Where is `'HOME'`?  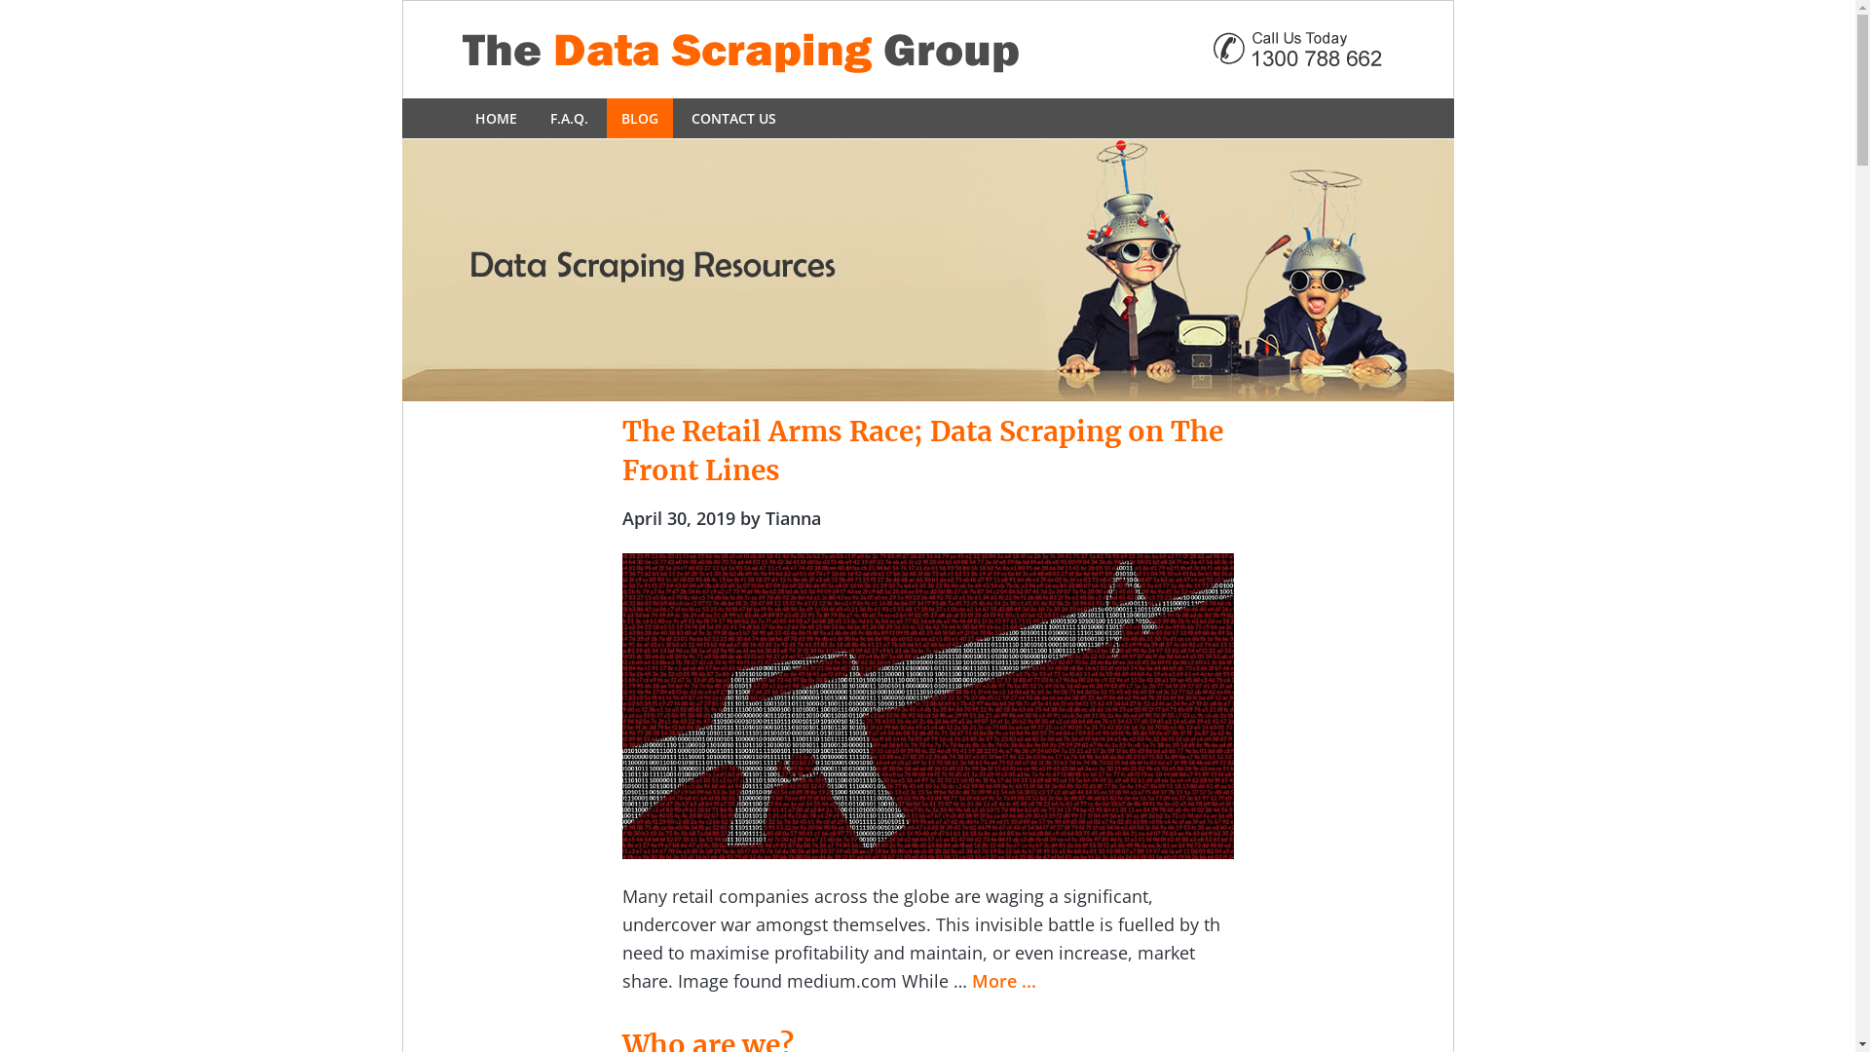 'HOME' is located at coordinates (458, 118).